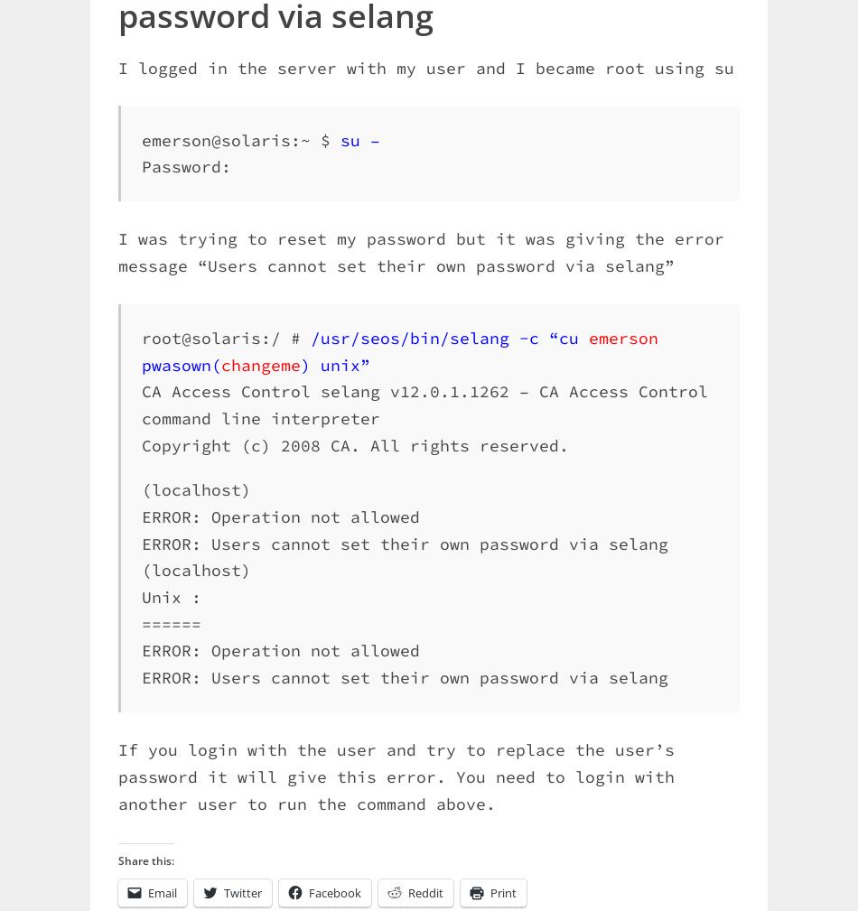 The width and height of the screenshot is (858, 911). I want to click on 'emerson@solaris:~ $', so click(142, 138).